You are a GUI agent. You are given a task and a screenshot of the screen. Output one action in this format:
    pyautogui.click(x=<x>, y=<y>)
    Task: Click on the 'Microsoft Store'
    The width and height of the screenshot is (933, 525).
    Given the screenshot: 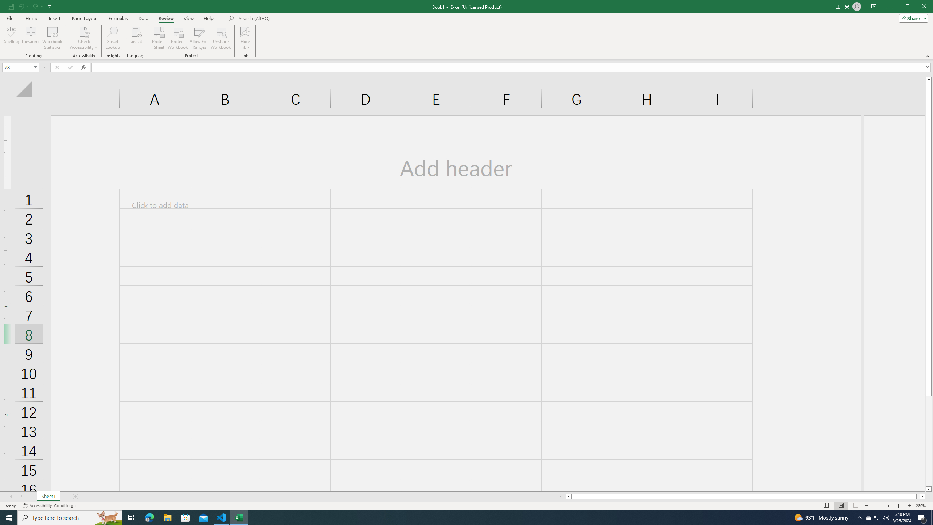 What is the action you would take?
    pyautogui.click(x=186, y=517)
    